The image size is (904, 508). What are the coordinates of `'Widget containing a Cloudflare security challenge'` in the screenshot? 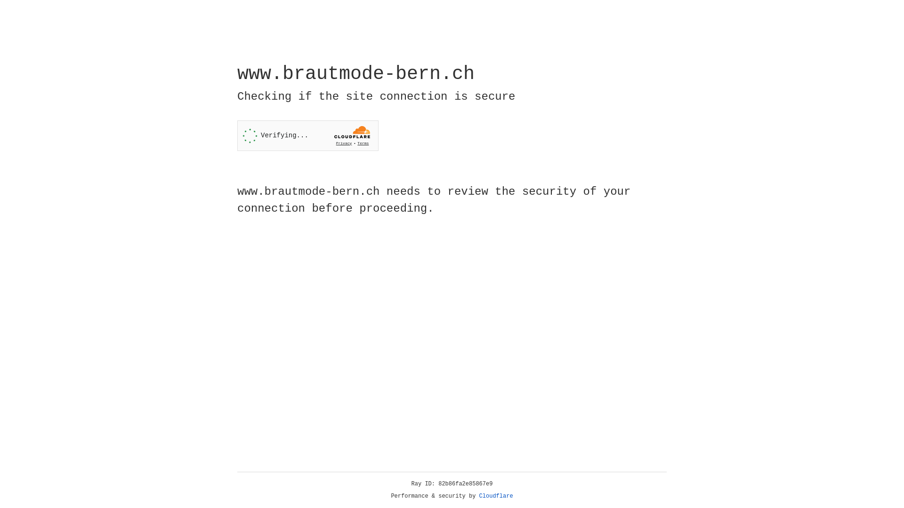 It's located at (307, 135).